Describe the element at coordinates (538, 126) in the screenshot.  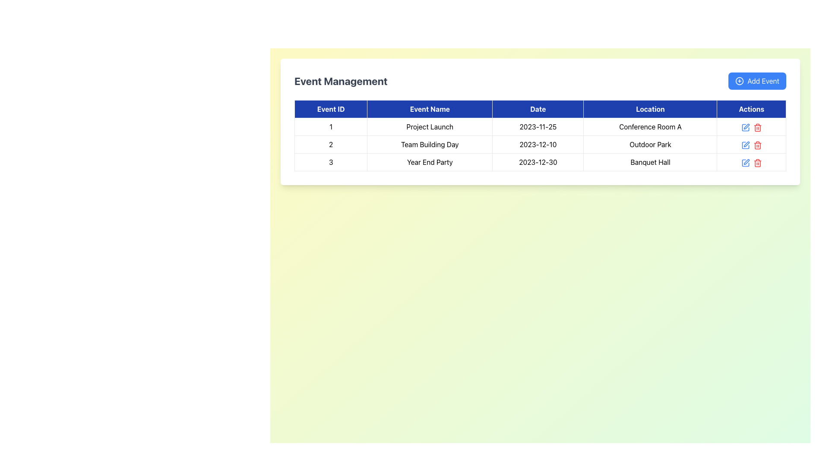
I see `date displayed in the text label showing '2023-11-25' under the 'Date' column for the 'Project Launch' row` at that location.